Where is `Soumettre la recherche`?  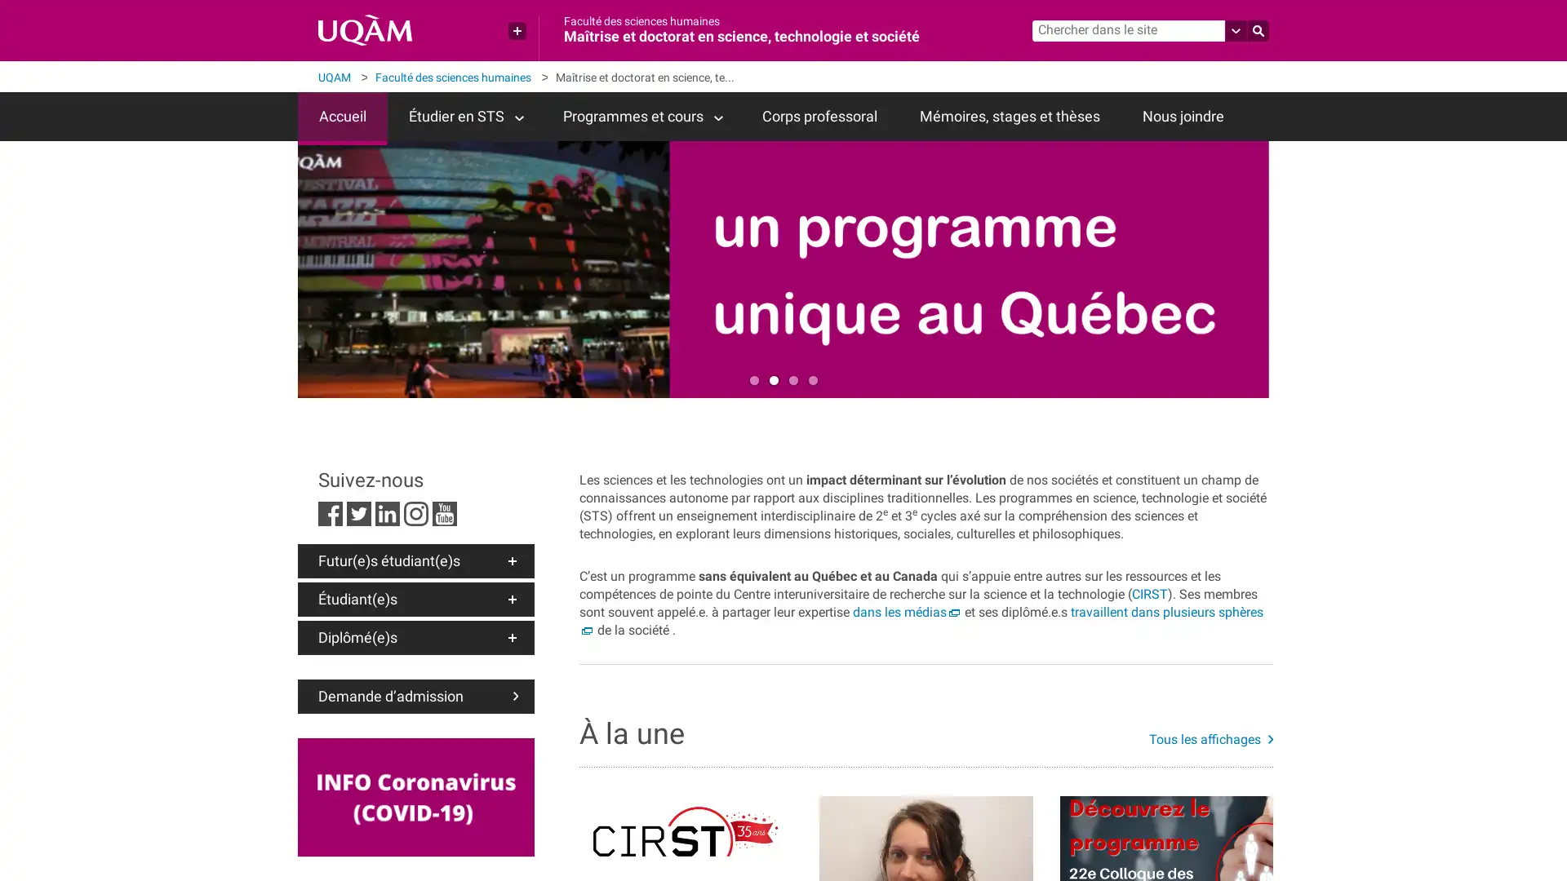 Soumettre la recherche is located at coordinates (1257, 31).